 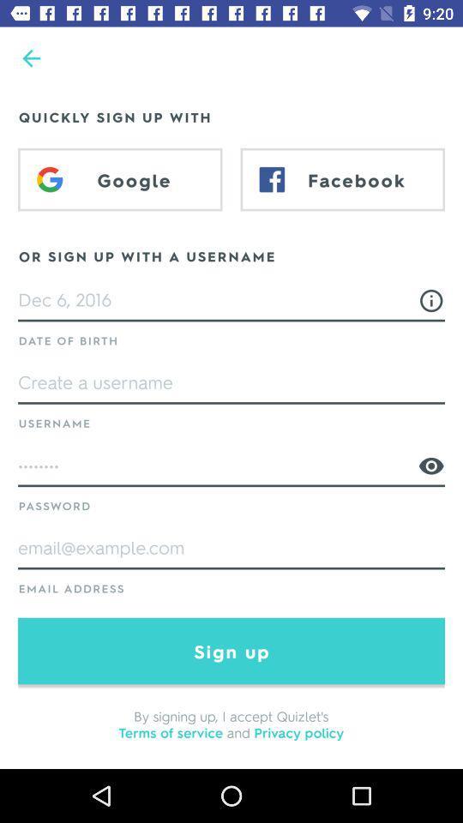 I want to click on icon above quickly sign up icon, so click(x=31, y=58).